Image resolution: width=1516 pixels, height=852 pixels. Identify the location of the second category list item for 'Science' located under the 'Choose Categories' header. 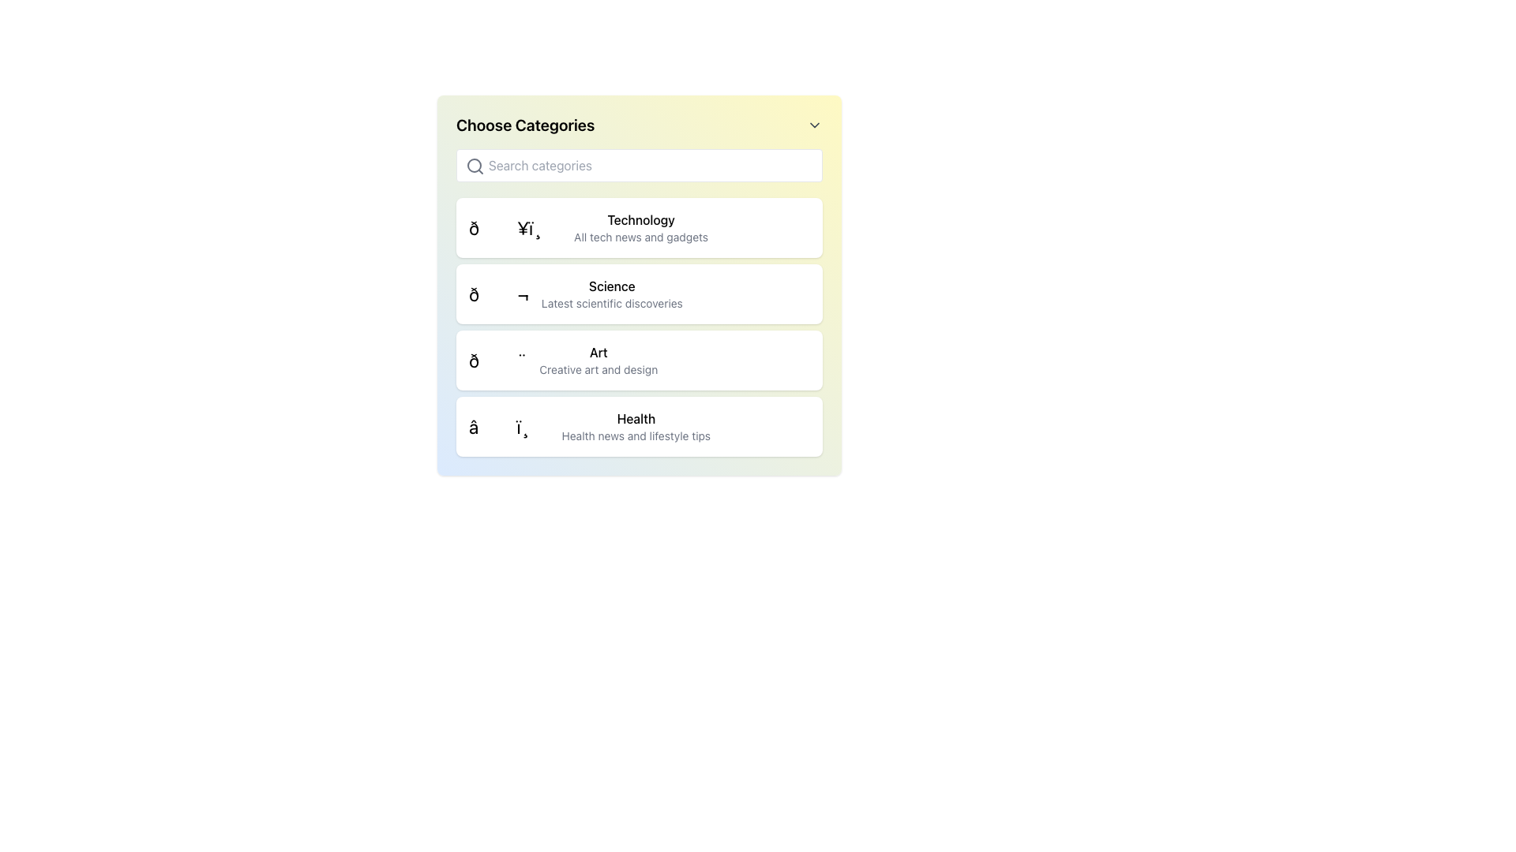
(575, 294).